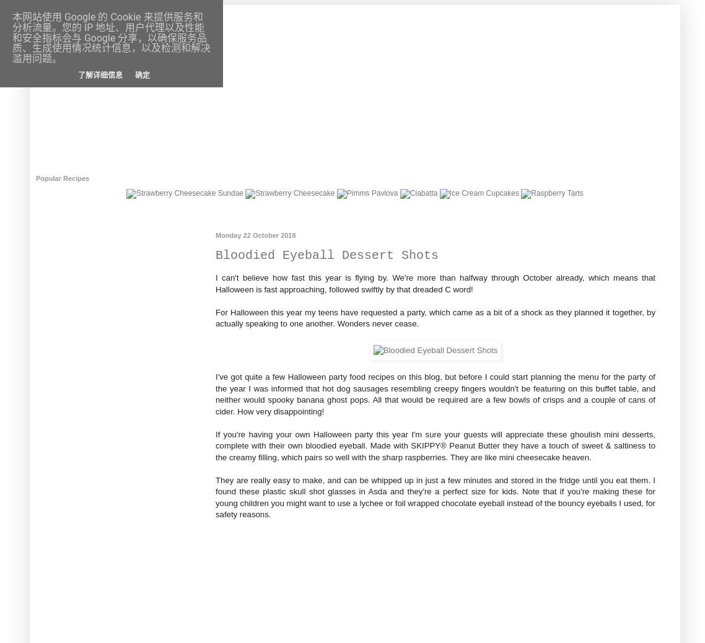 Image resolution: width=705 pixels, height=643 pixels. Describe the element at coordinates (436, 393) in the screenshot. I see `'I've got quite a few Halloween party food recipes on this blog, but before I could start planning the menu for the party of the year I was informed that hot dog sausages resembling creepy fingers wouldn't be featuring on this buffet table, and neither would spooky banana ghost pops. All that would be required are a few bowls of crisps and a couple of cans of cider. How very disappointing!'` at that location.